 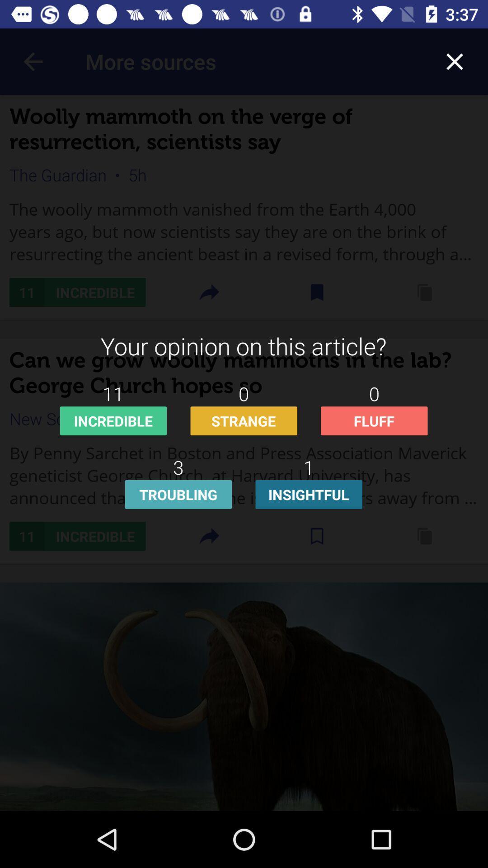 What do you see at coordinates (455, 61) in the screenshot?
I see `item to the right of more sources item` at bounding box center [455, 61].